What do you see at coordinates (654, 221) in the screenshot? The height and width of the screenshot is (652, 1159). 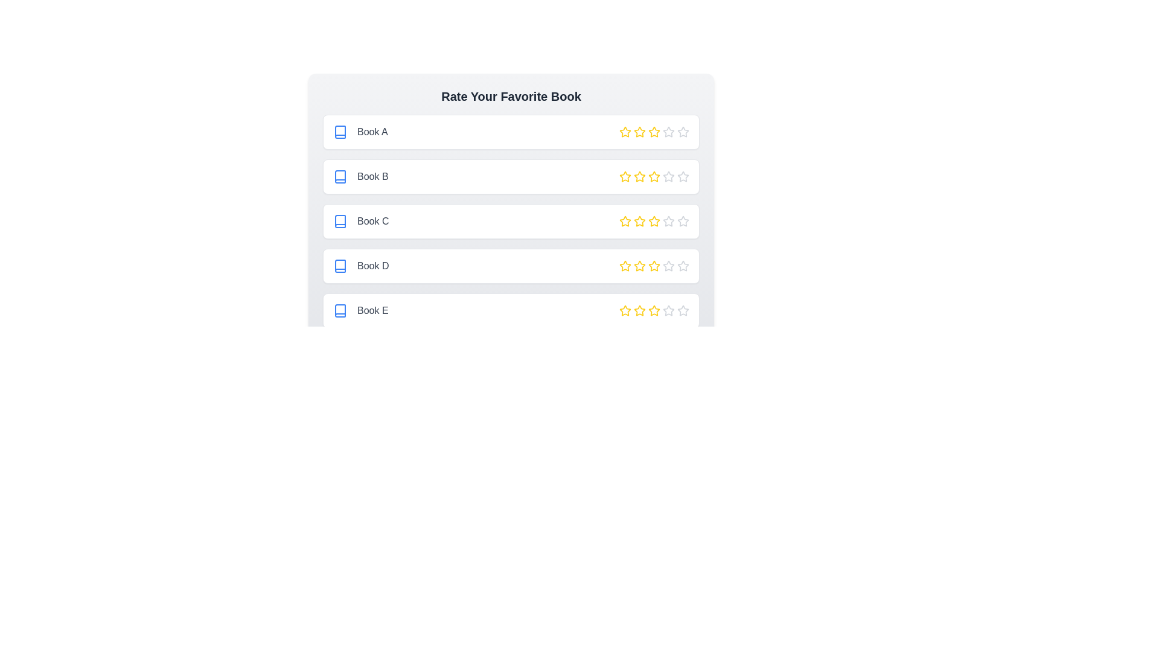 I see `the star corresponding to 3 stars for the book titled Book C` at bounding box center [654, 221].